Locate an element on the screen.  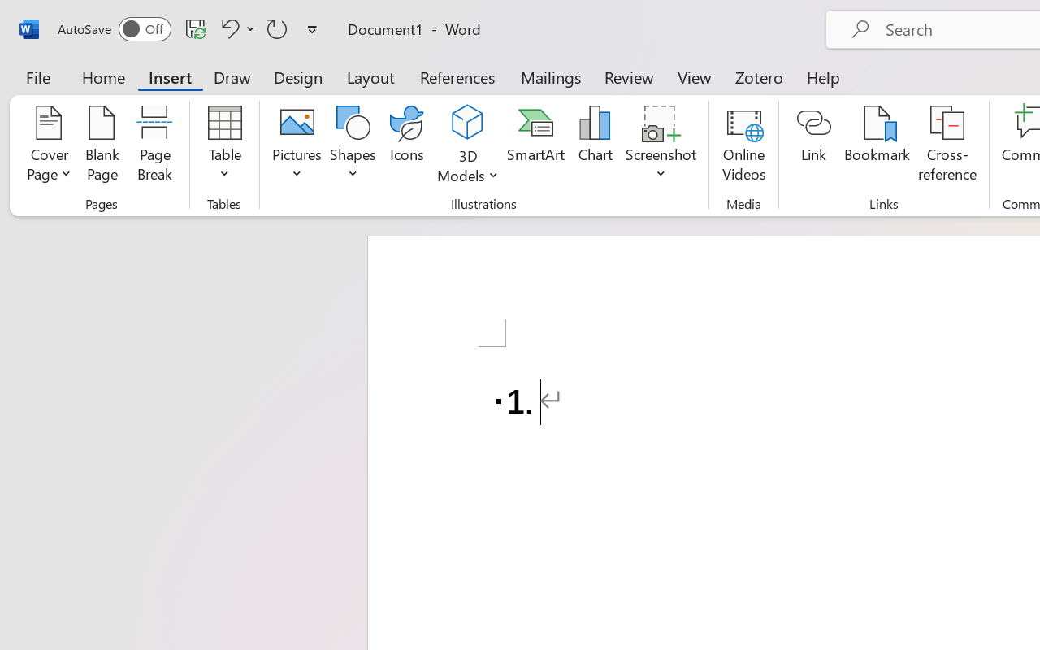
'Link' is located at coordinates (814, 145).